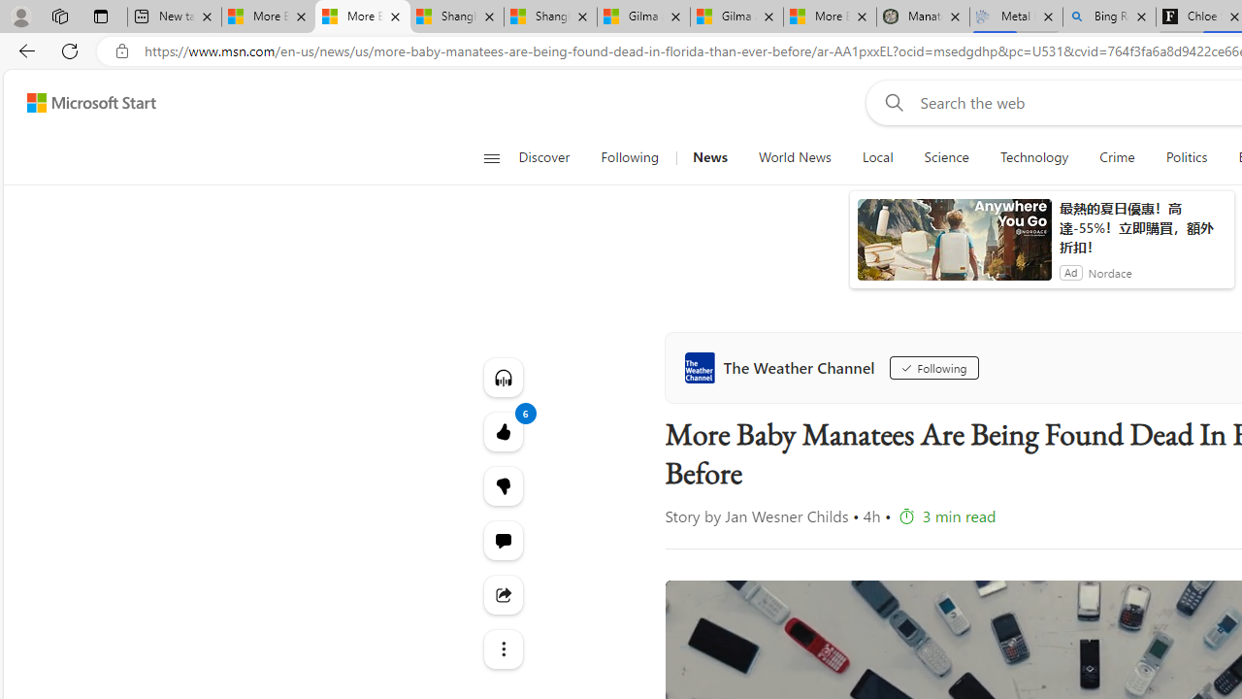  Describe the element at coordinates (83, 102) in the screenshot. I see `'Skip to content'` at that location.